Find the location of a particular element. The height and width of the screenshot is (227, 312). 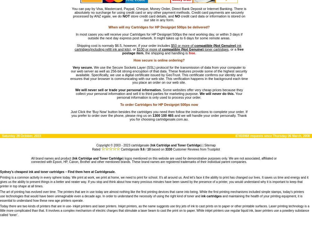

'store credit card details, and' is located at coordinates (152, 16).